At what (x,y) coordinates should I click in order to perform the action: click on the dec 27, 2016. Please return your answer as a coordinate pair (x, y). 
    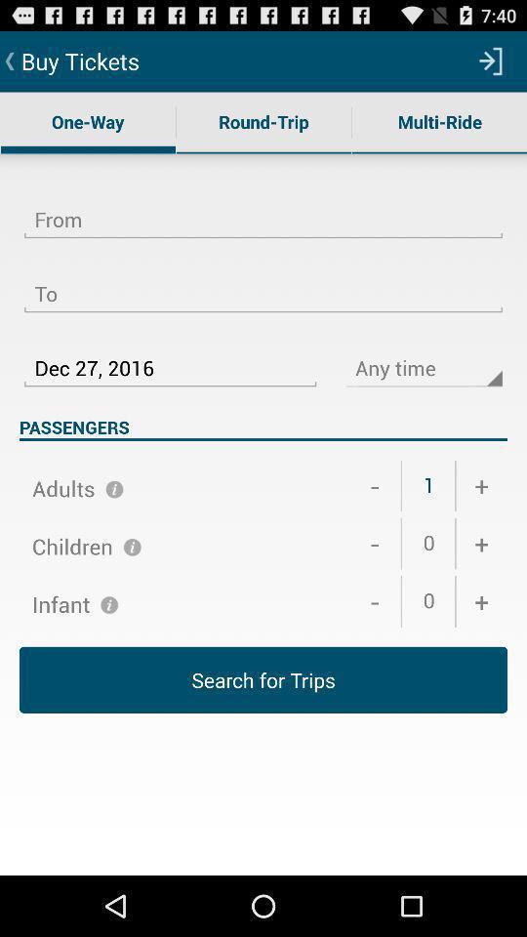
    Looking at the image, I should click on (170, 355).